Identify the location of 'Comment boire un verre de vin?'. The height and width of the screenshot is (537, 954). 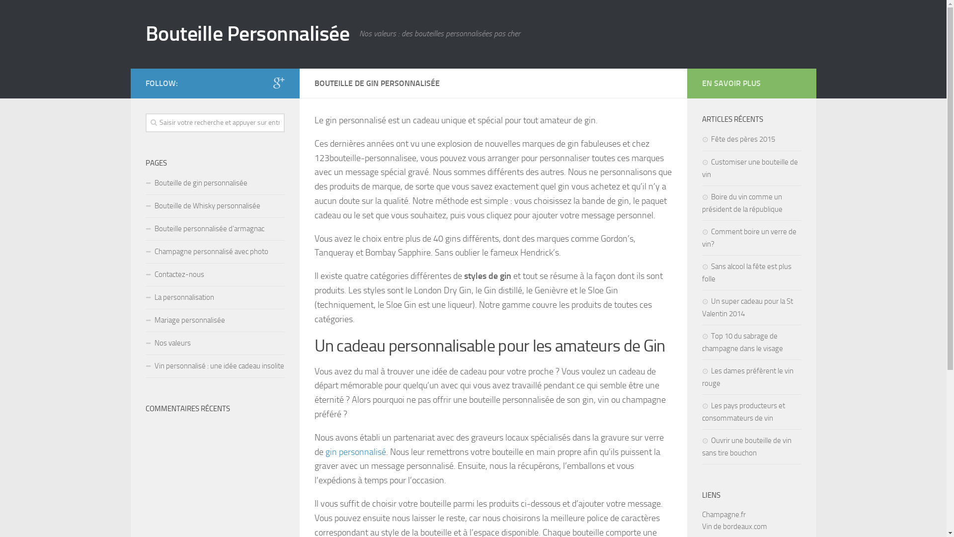
(701, 238).